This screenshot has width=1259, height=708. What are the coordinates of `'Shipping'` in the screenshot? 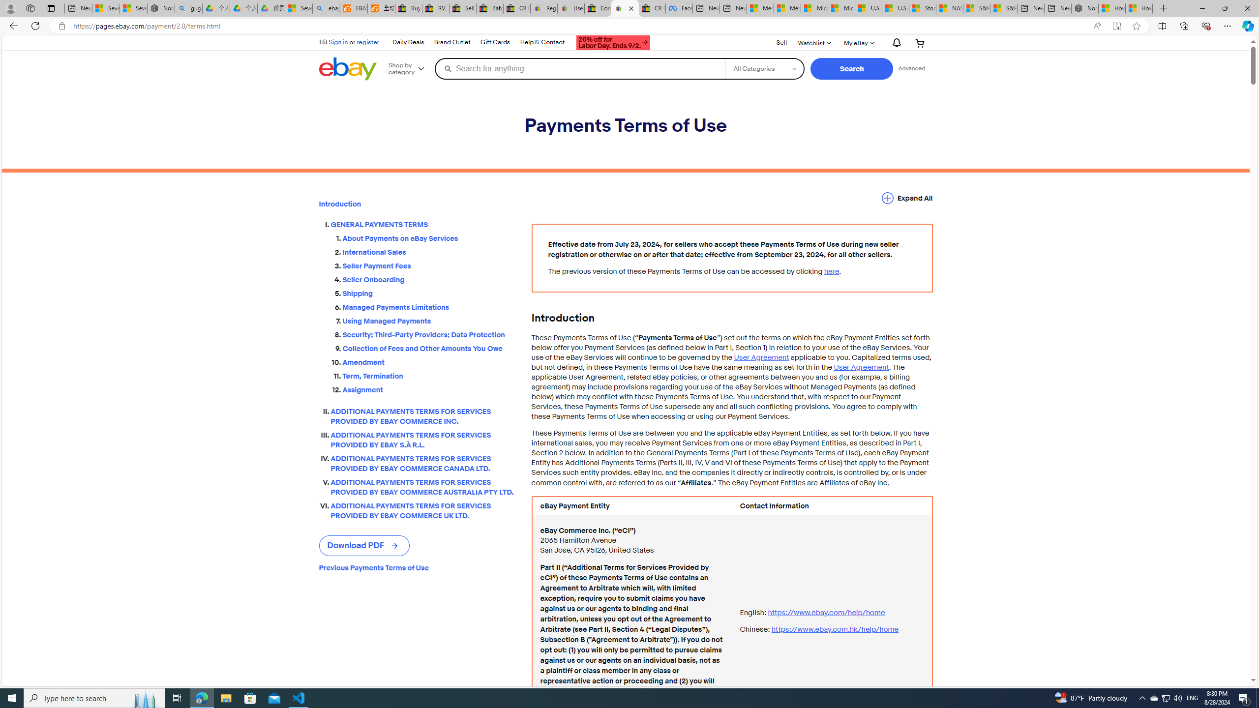 It's located at (429, 292).